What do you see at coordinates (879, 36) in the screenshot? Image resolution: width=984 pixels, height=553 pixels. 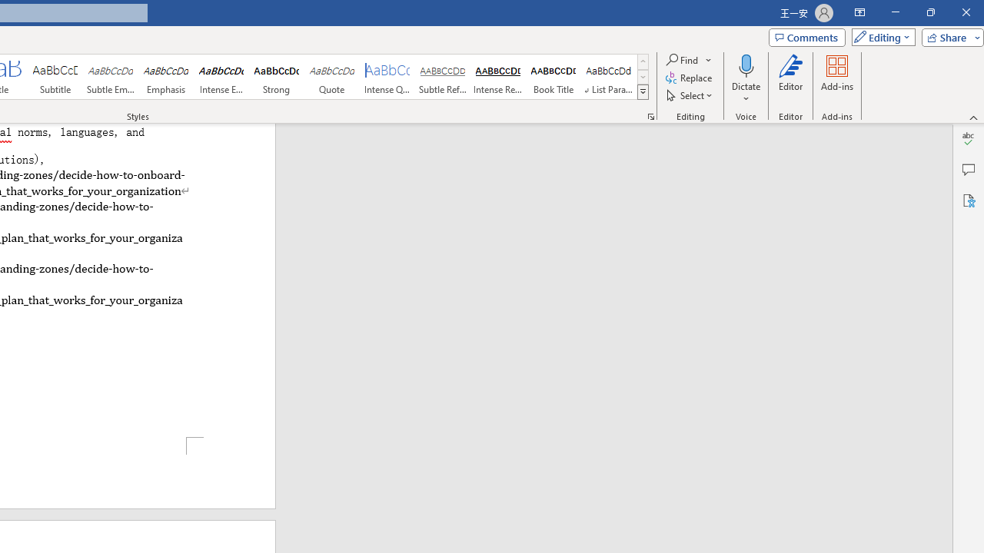 I see `'Editing'` at bounding box center [879, 36].